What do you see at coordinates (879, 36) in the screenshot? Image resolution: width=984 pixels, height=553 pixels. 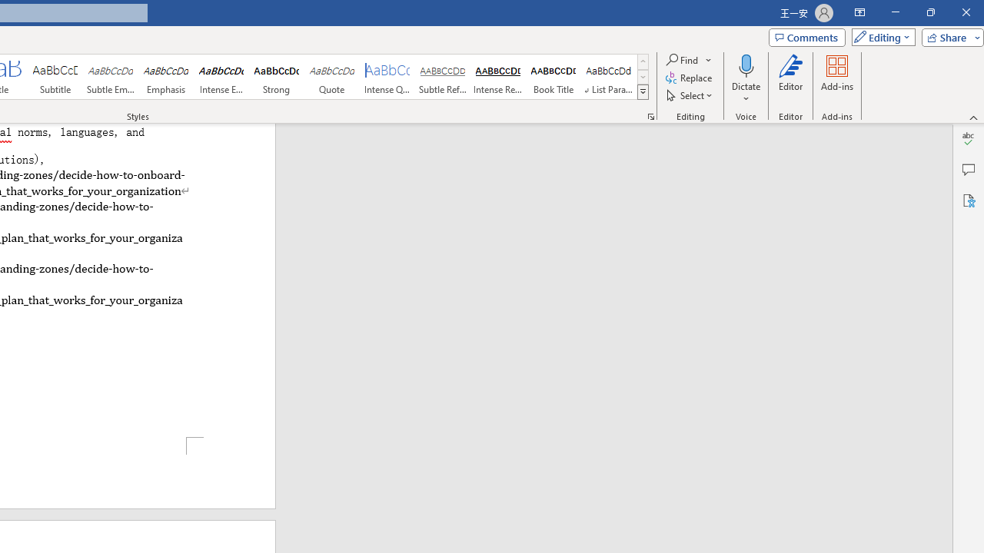 I see `'Editing'` at bounding box center [879, 36].